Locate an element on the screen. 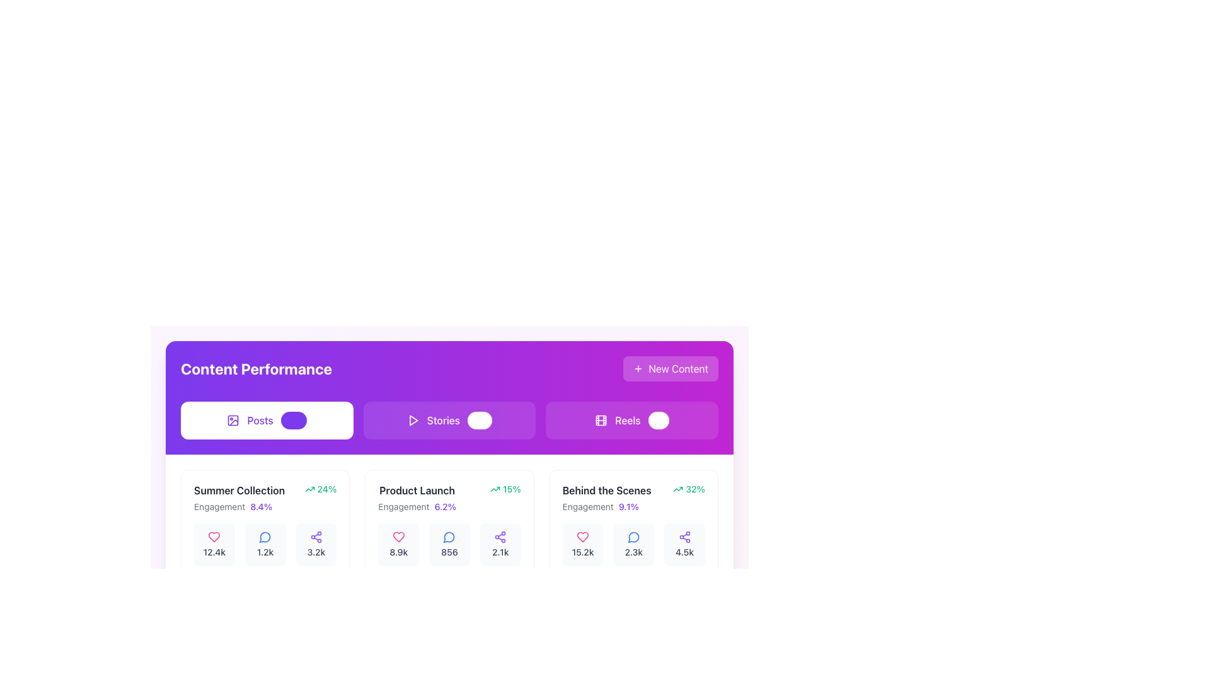 The width and height of the screenshot is (1210, 681). the blue circular chat icon above the text label '1.2k' in the 'Summer Collection' content performance section is located at coordinates (265, 537).